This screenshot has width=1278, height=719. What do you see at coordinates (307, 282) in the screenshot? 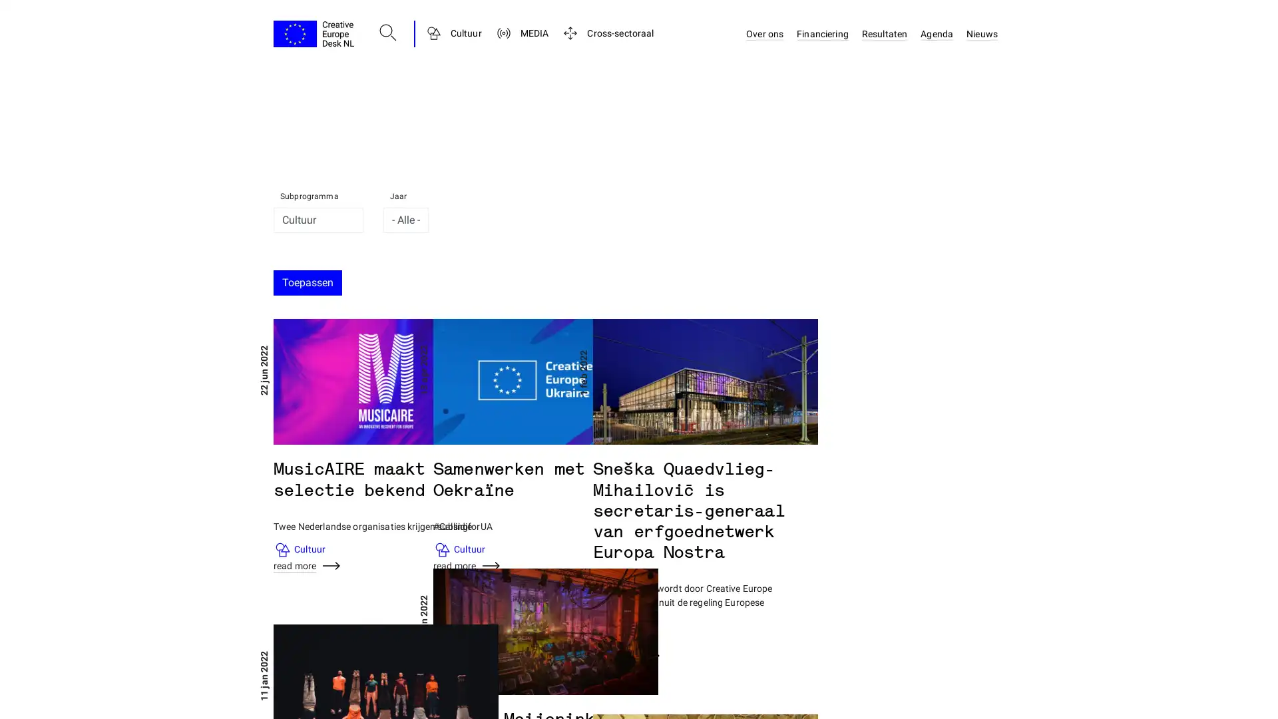
I see `Toepassen` at bounding box center [307, 282].